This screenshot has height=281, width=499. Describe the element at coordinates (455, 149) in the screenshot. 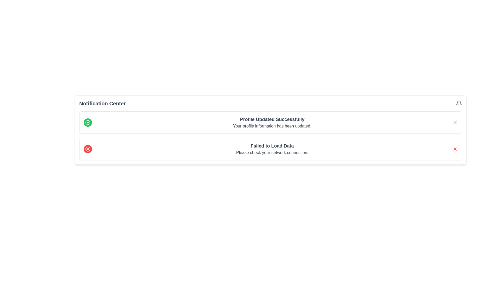

I see `the button in the top-right corner of the 'Failed to Load Data' notification` at that location.